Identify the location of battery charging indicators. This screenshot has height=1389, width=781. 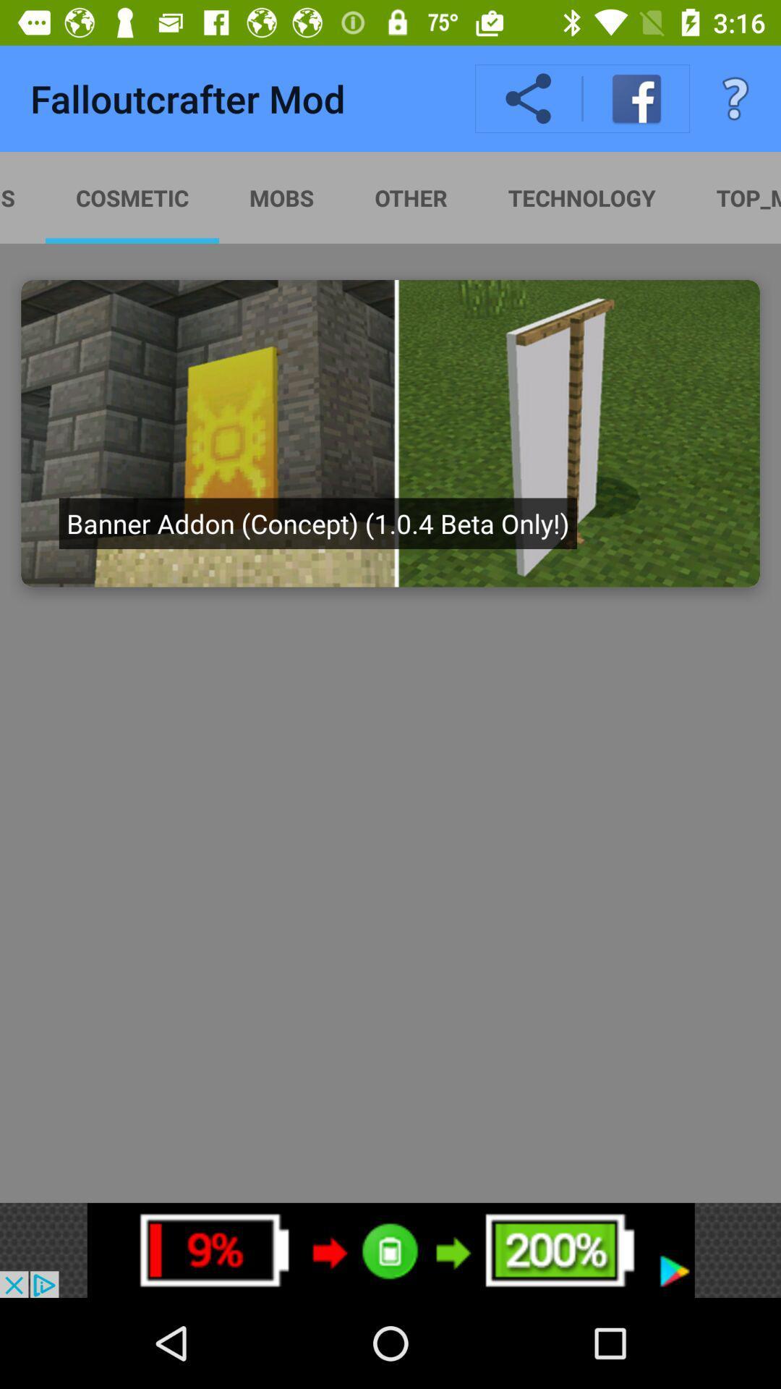
(390, 1249).